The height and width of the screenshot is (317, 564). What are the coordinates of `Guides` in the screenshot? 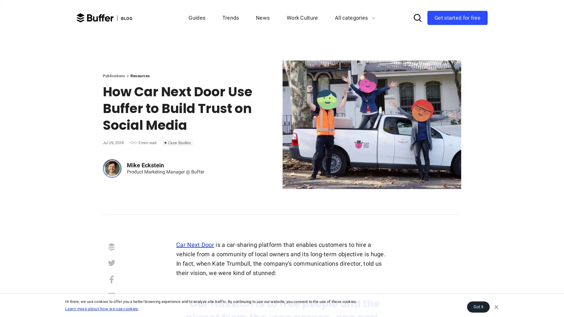 It's located at (197, 18).